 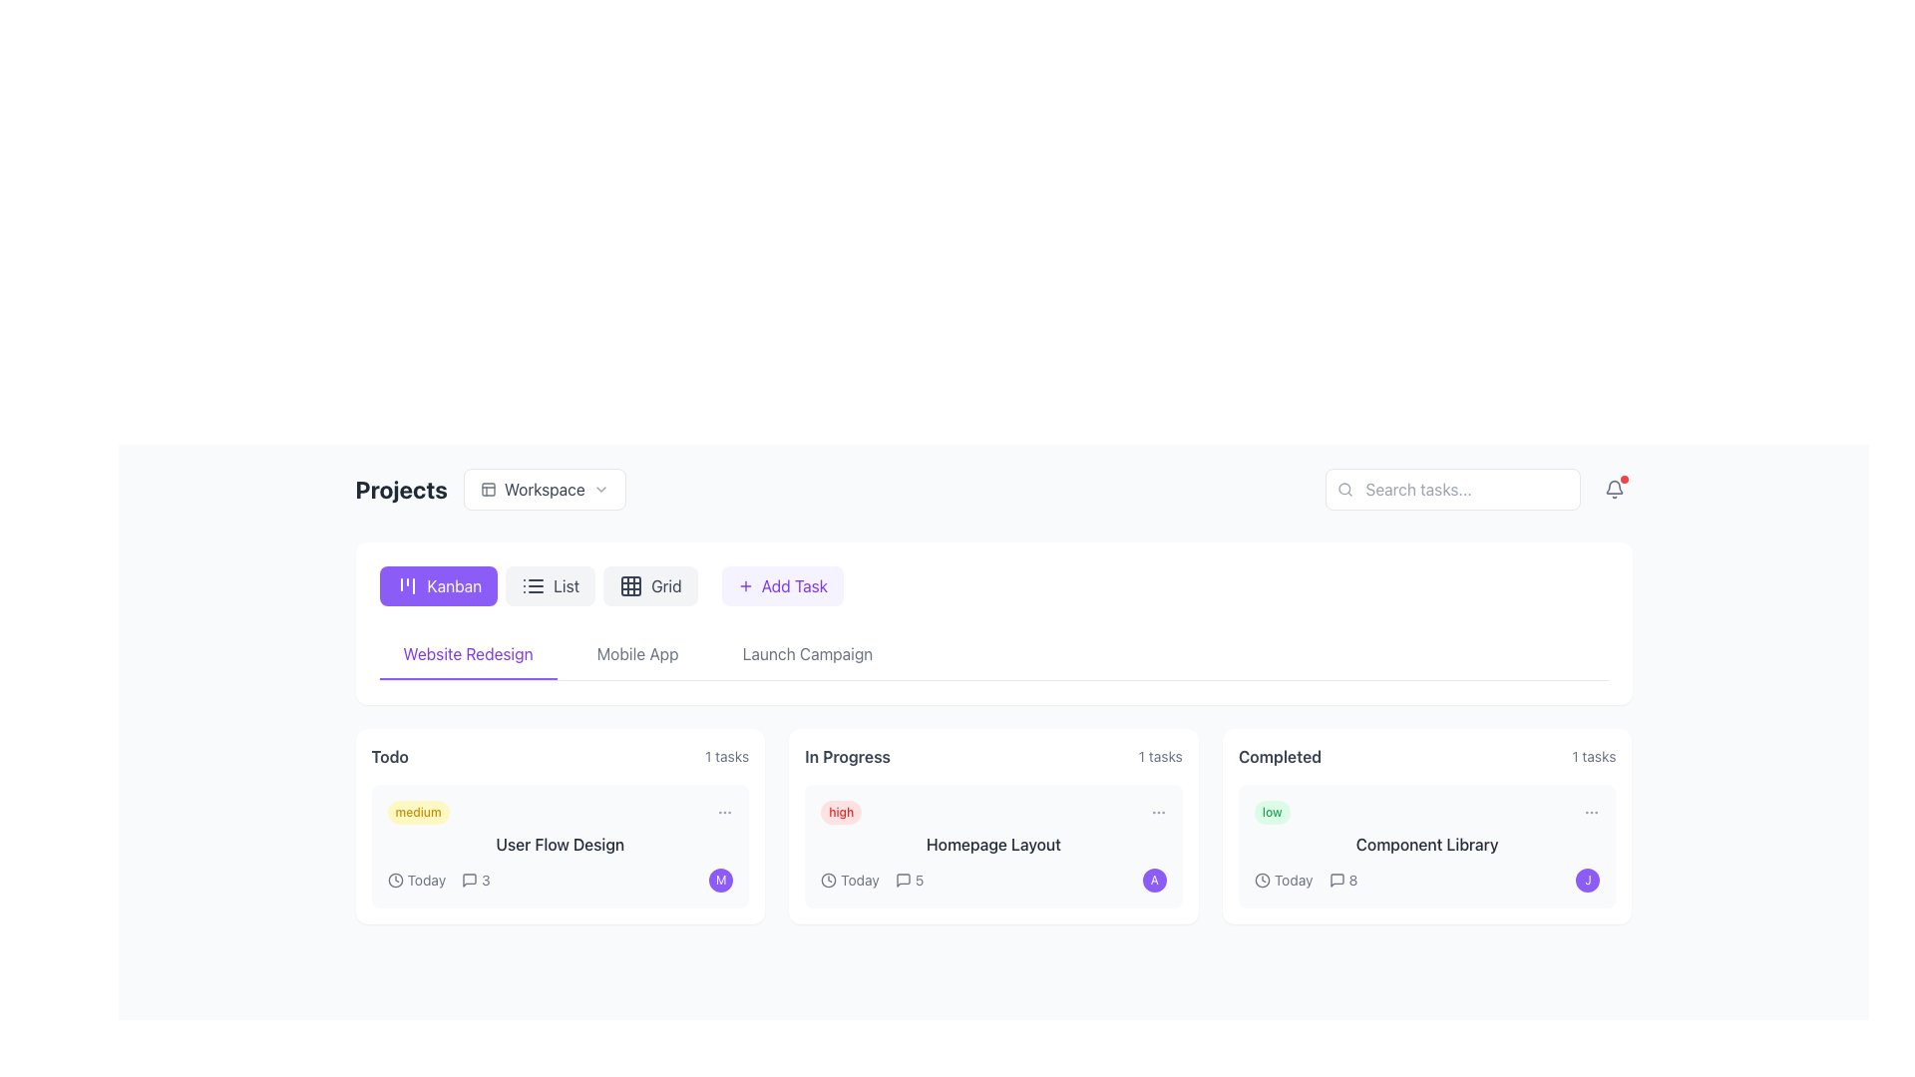 I want to click on the status indicator badge located in the 'In Progress' column of the Kanban board, specifically near the top left corner of the card labeled 'Homepage Layout', so click(x=841, y=812).